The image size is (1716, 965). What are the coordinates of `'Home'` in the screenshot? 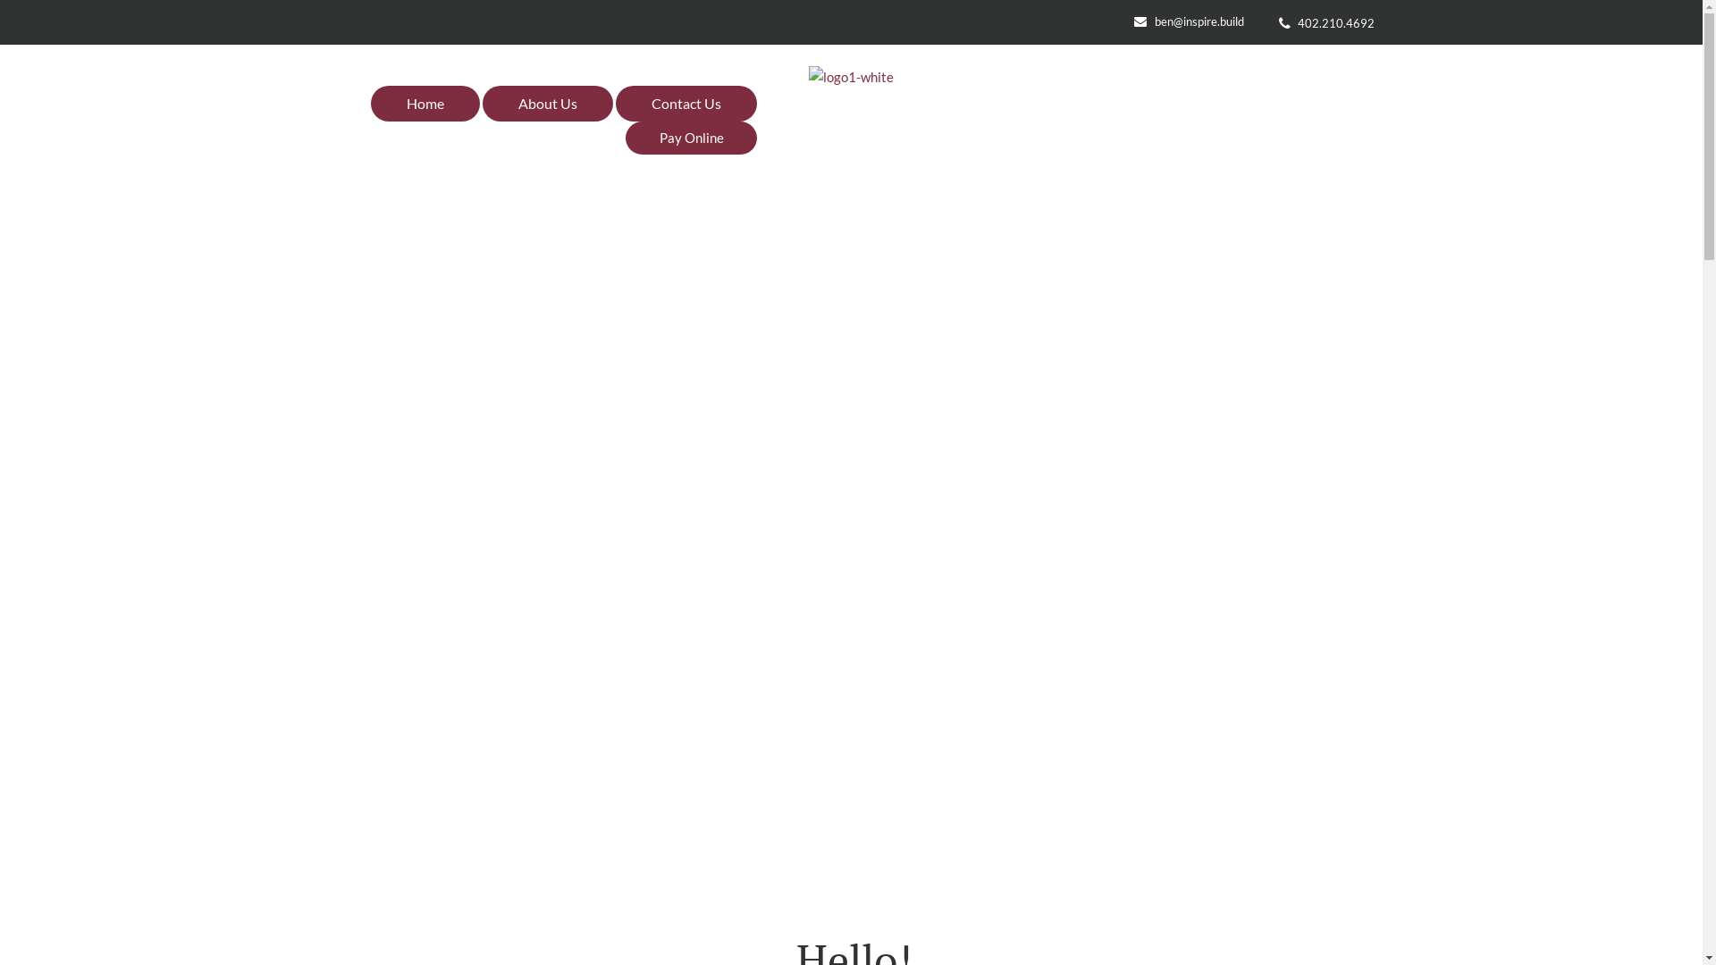 It's located at (424, 103).